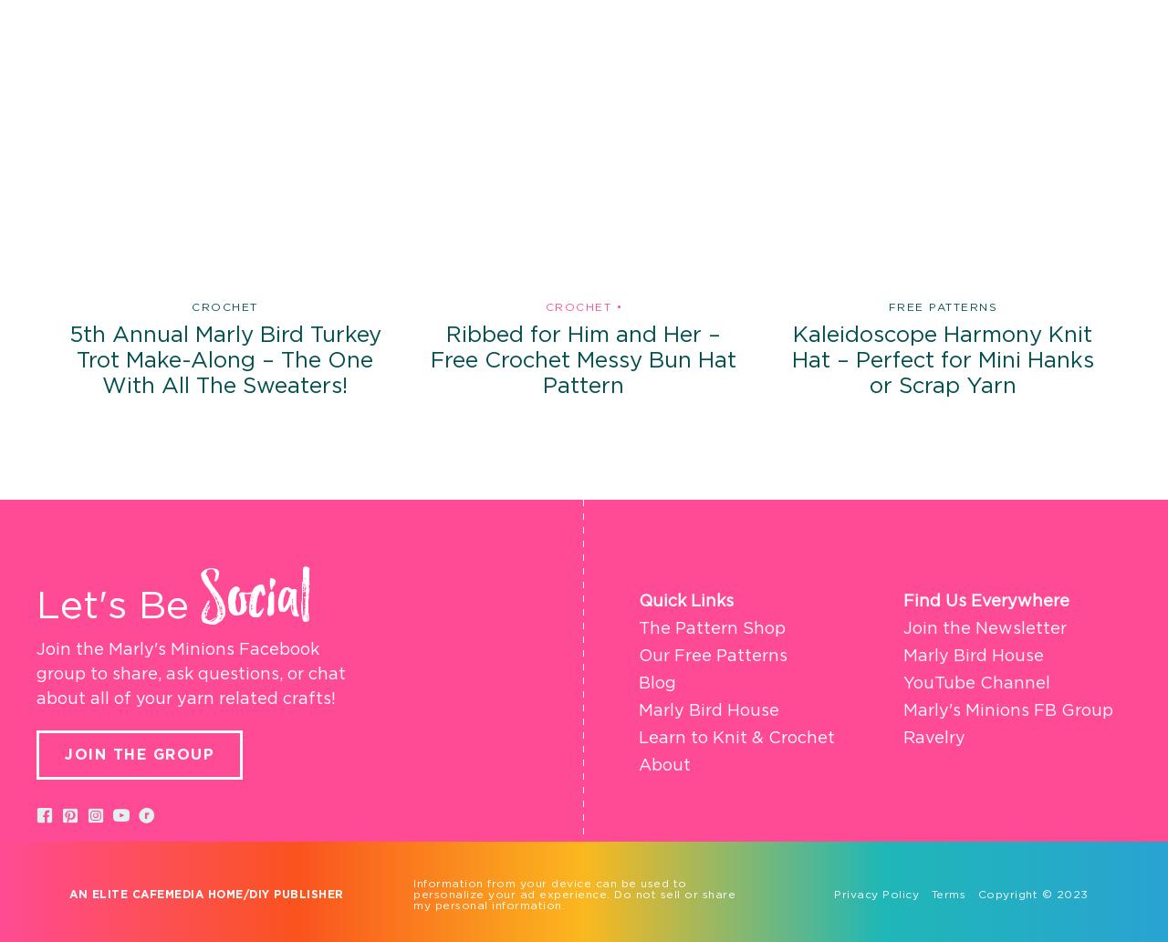 This screenshot has width=1168, height=942. I want to click on 'Join the Newsletter', so click(984, 628).